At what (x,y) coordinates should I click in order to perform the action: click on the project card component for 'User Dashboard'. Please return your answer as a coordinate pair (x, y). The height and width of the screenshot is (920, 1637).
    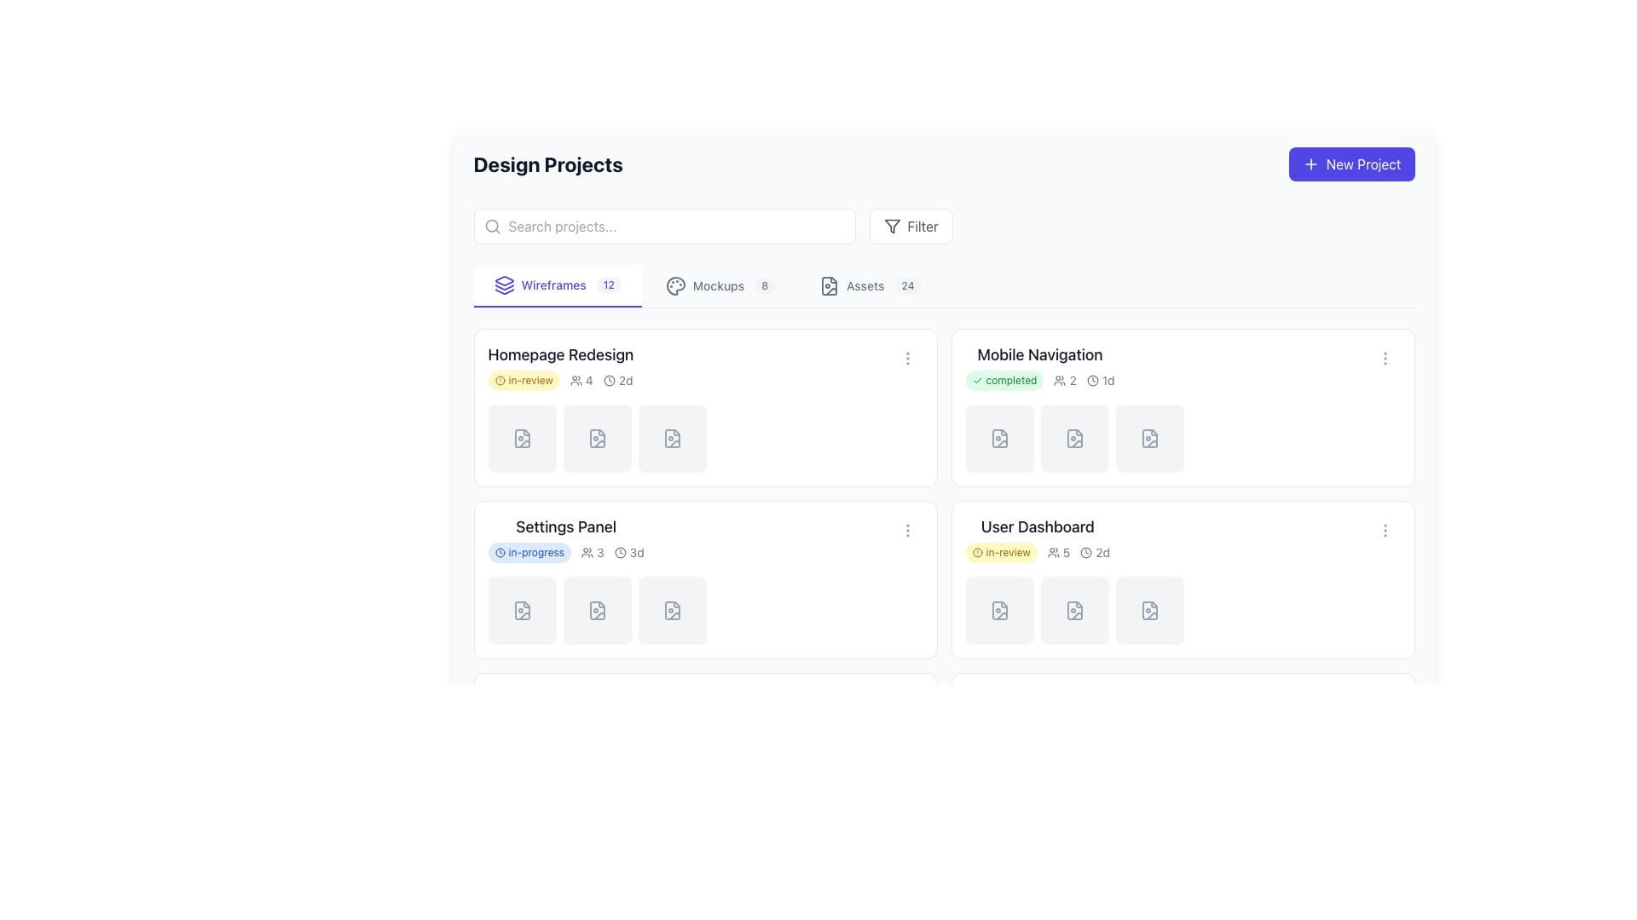
    Looking at the image, I should click on (1037, 538).